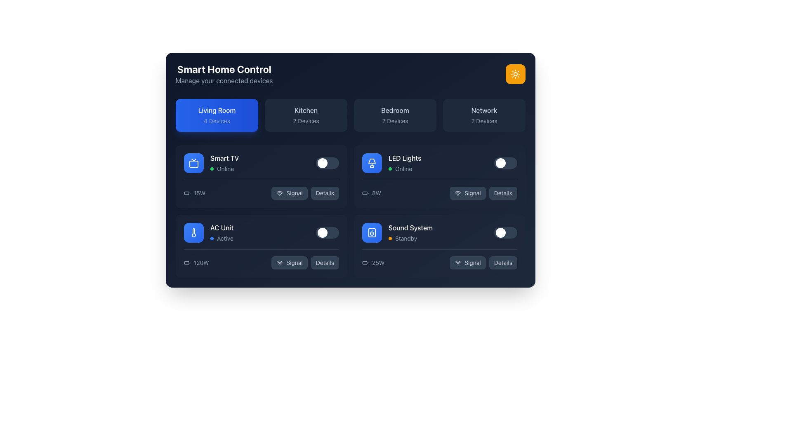 Image resolution: width=792 pixels, height=445 pixels. What do you see at coordinates (395, 115) in the screenshot?
I see `the dark slate button labeled 'Bedroom' which has two lines of text, 'Bedroom' at the top and '2 Devices' below, positioned between the 'Kitchen' and 'Network' buttons` at bounding box center [395, 115].